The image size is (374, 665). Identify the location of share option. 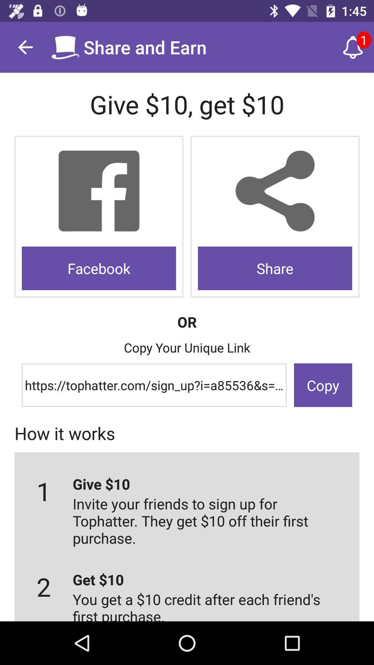
(275, 191).